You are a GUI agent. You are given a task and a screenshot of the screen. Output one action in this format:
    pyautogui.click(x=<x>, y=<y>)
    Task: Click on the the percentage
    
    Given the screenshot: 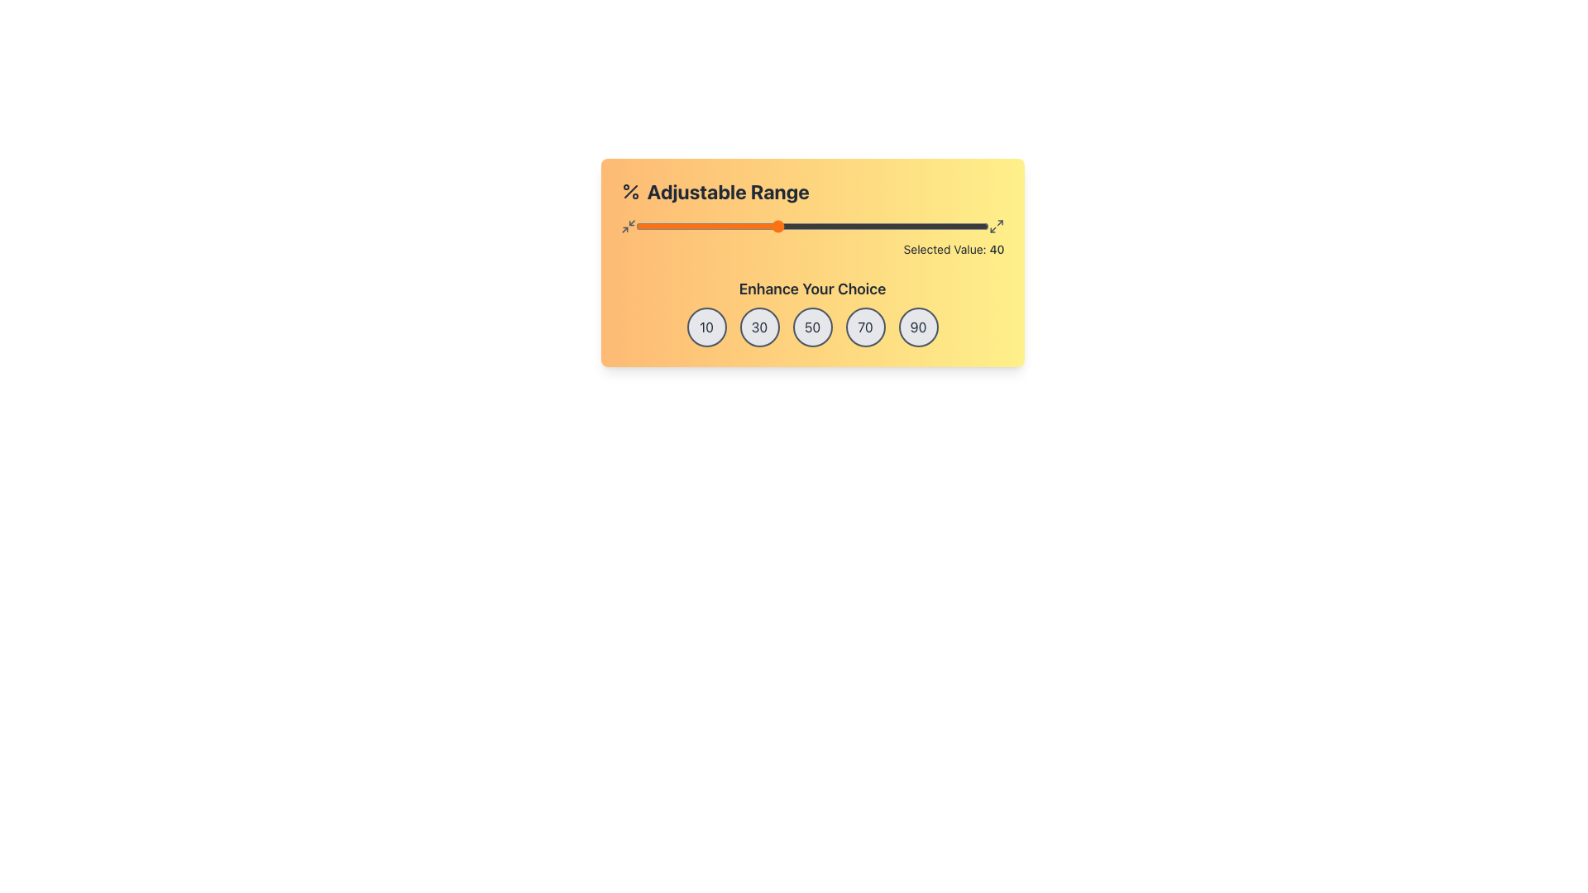 What is the action you would take?
    pyautogui.click(x=634, y=226)
    